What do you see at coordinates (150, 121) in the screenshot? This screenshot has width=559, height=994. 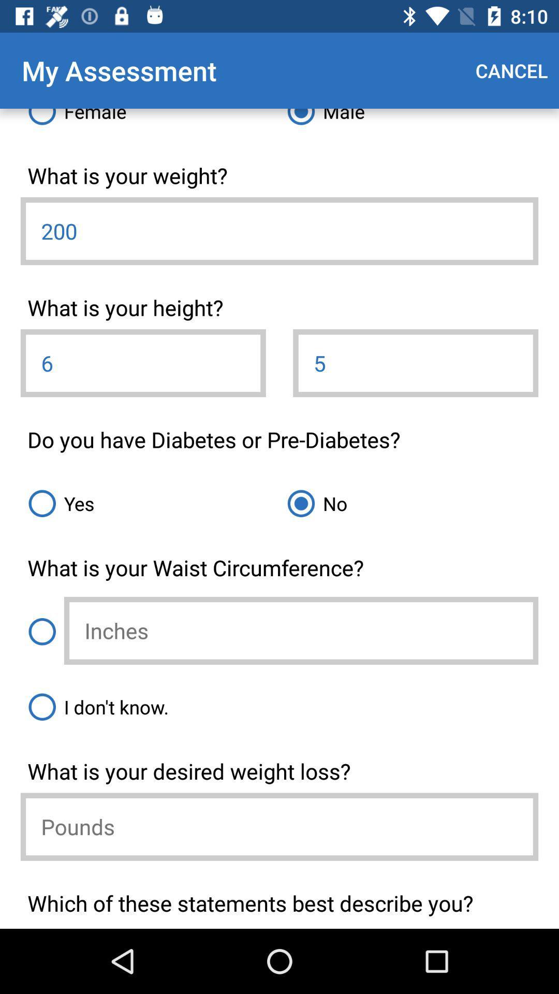 I see `the female item` at bounding box center [150, 121].